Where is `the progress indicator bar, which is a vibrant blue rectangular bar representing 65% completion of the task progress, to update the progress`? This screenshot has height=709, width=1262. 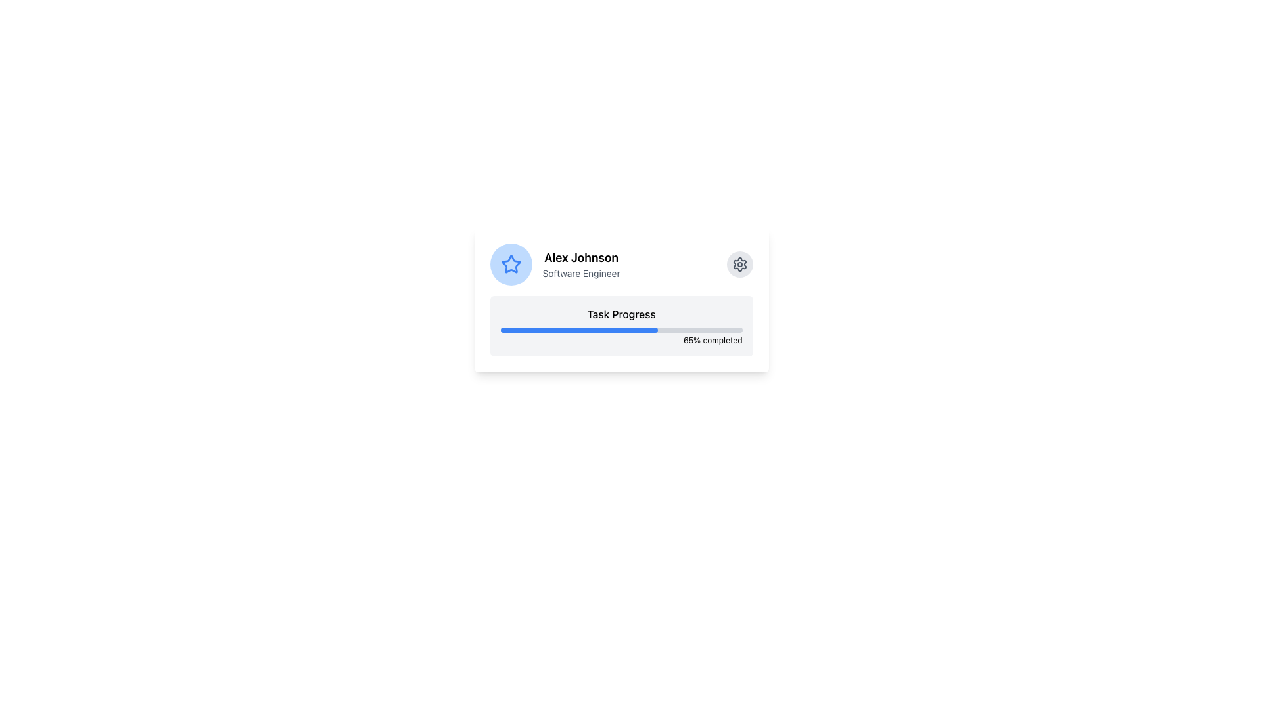 the progress indicator bar, which is a vibrant blue rectangular bar representing 65% completion of the task progress, to update the progress is located at coordinates (578, 329).